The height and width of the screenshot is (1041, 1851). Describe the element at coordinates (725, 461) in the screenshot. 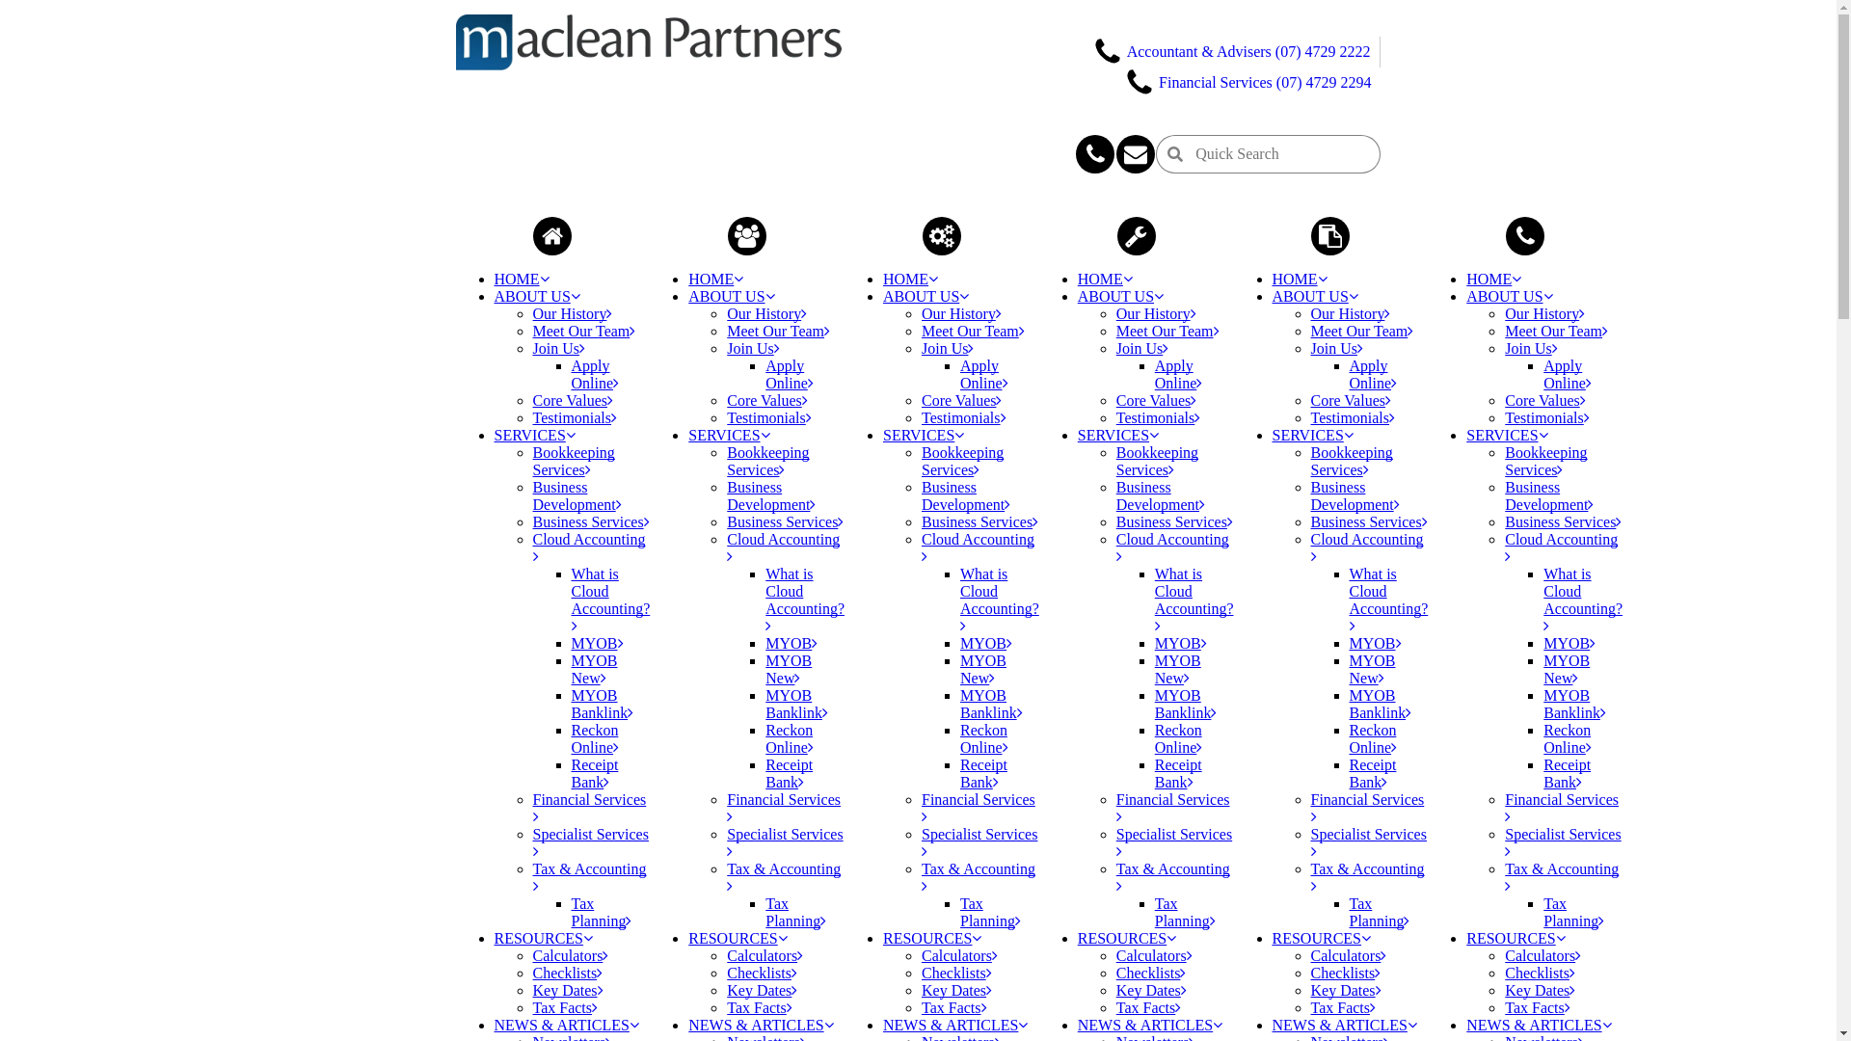

I see `'Bookkeeping Services'` at that location.